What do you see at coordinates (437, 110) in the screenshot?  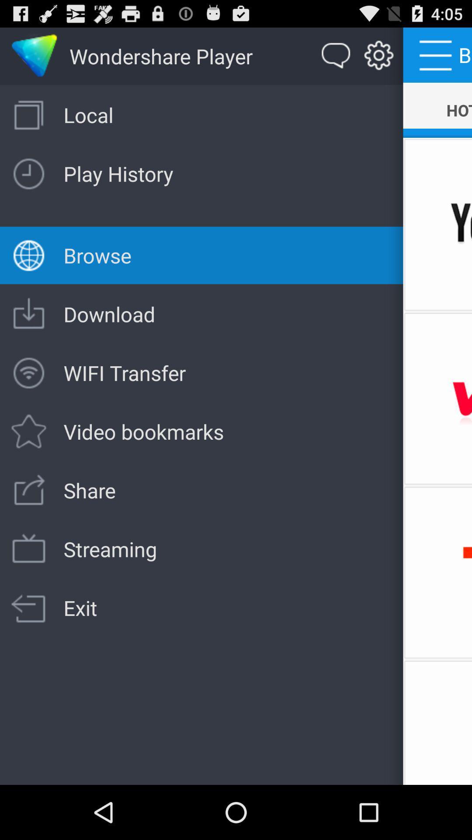 I see `the hot app` at bounding box center [437, 110].